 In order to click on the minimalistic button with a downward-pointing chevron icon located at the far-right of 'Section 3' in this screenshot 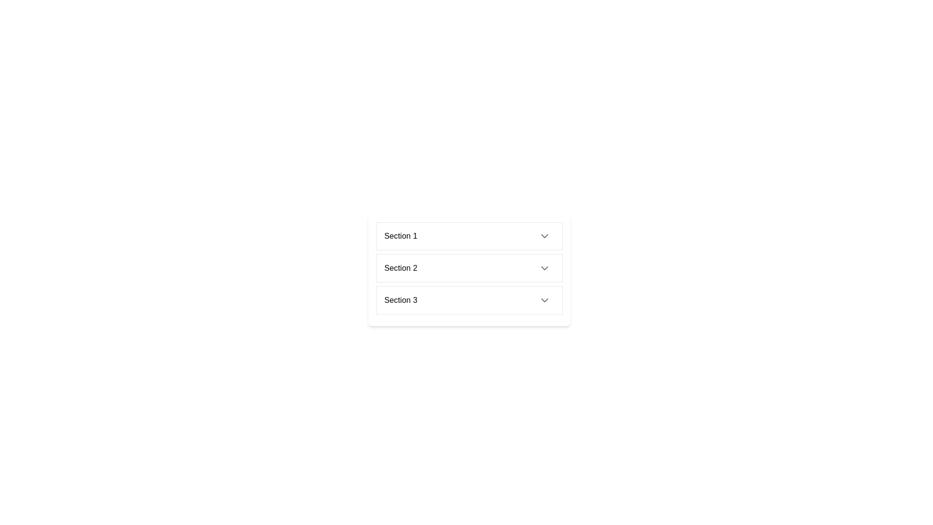, I will do `click(545, 299)`.